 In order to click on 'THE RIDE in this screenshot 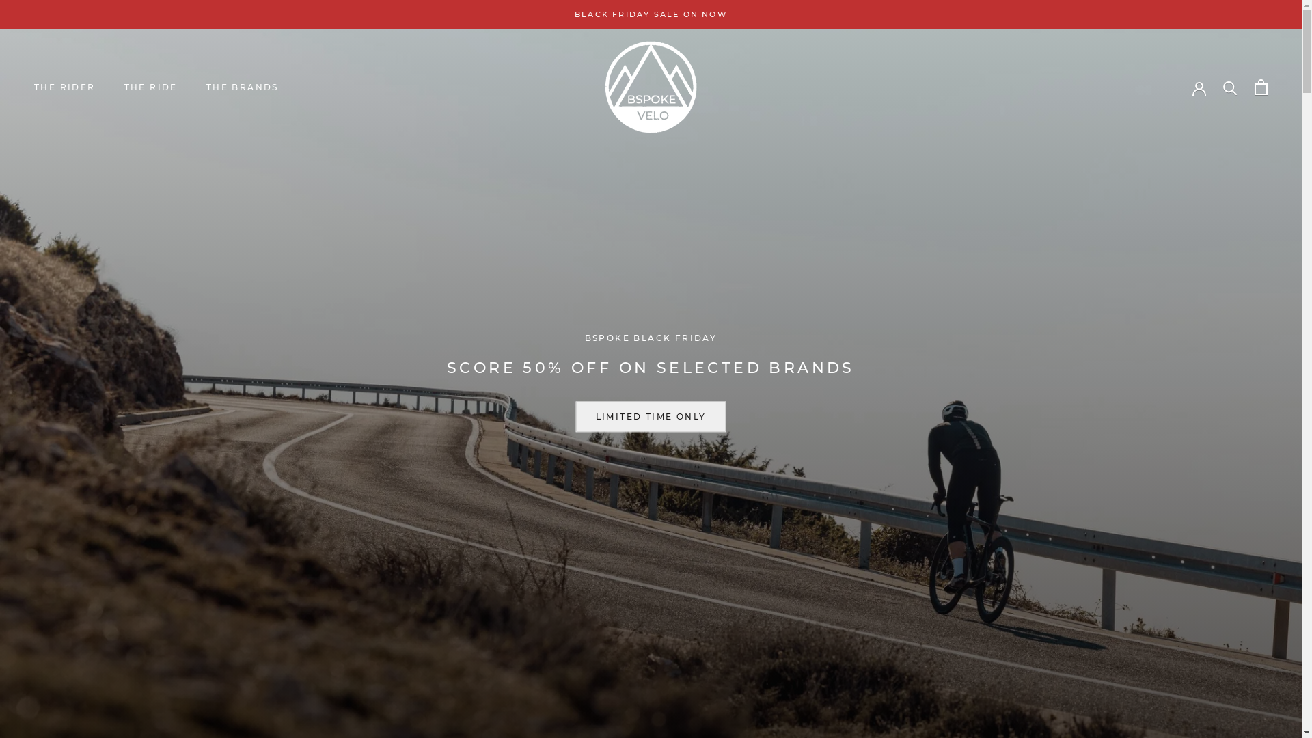, I will do `click(150, 87)`.